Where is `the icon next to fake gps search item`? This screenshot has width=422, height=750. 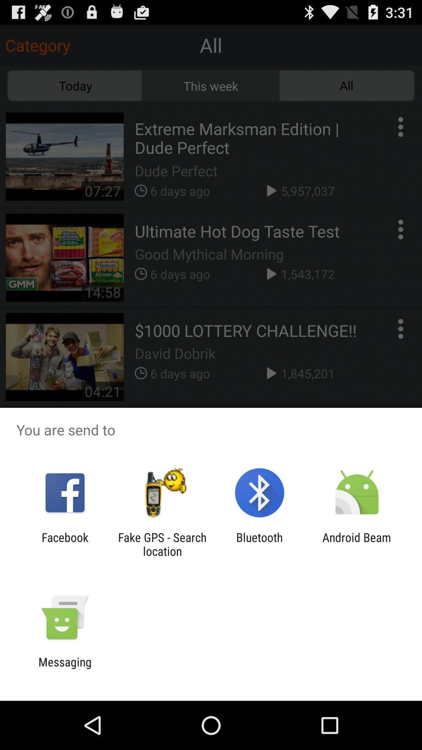
the icon next to fake gps search item is located at coordinates (259, 544).